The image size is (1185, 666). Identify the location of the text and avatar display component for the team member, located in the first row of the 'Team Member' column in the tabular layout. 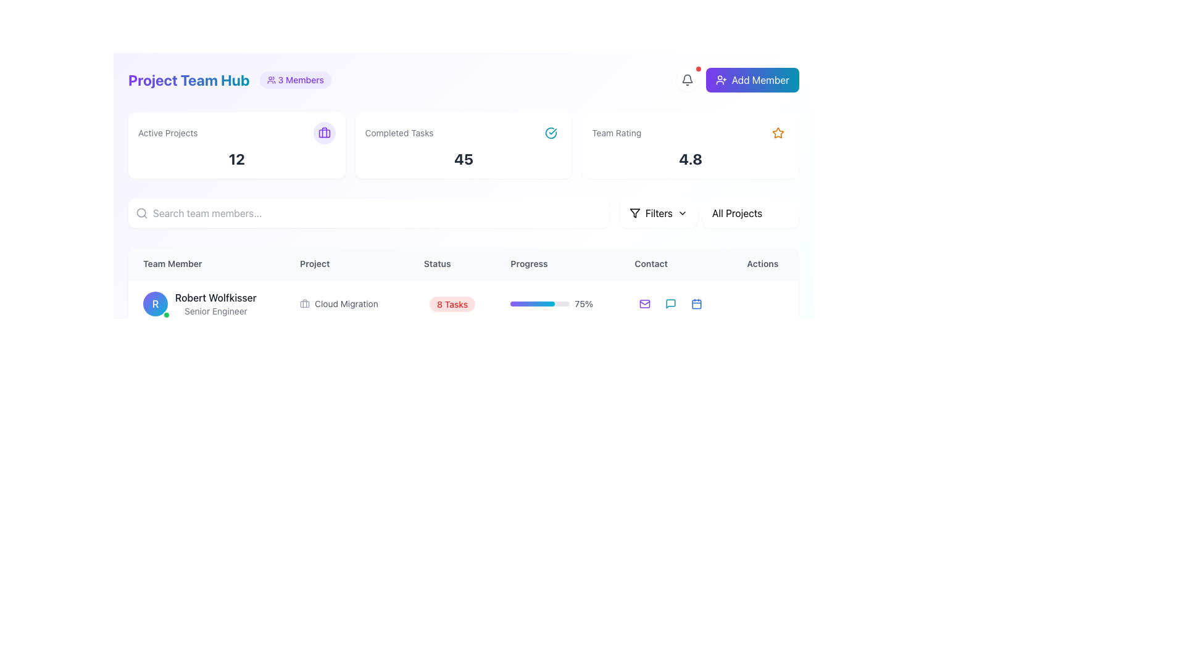
(207, 304).